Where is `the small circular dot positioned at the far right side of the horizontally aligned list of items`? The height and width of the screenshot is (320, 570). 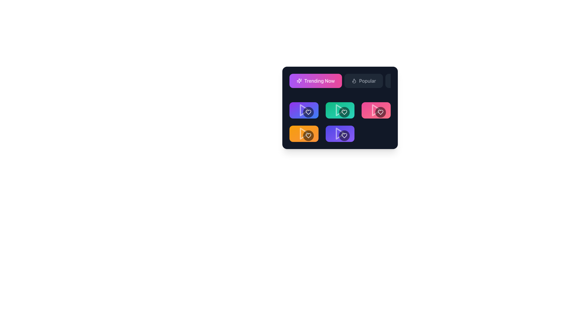
the small circular dot positioned at the far right side of the horizontally aligned list of items is located at coordinates (400, 131).